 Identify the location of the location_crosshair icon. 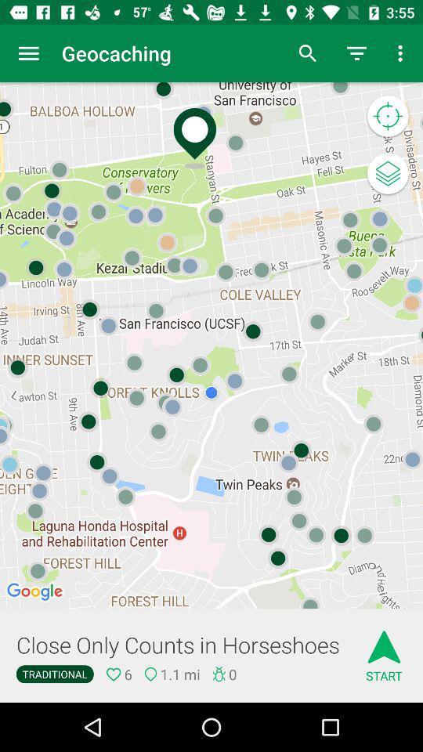
(387, 116).